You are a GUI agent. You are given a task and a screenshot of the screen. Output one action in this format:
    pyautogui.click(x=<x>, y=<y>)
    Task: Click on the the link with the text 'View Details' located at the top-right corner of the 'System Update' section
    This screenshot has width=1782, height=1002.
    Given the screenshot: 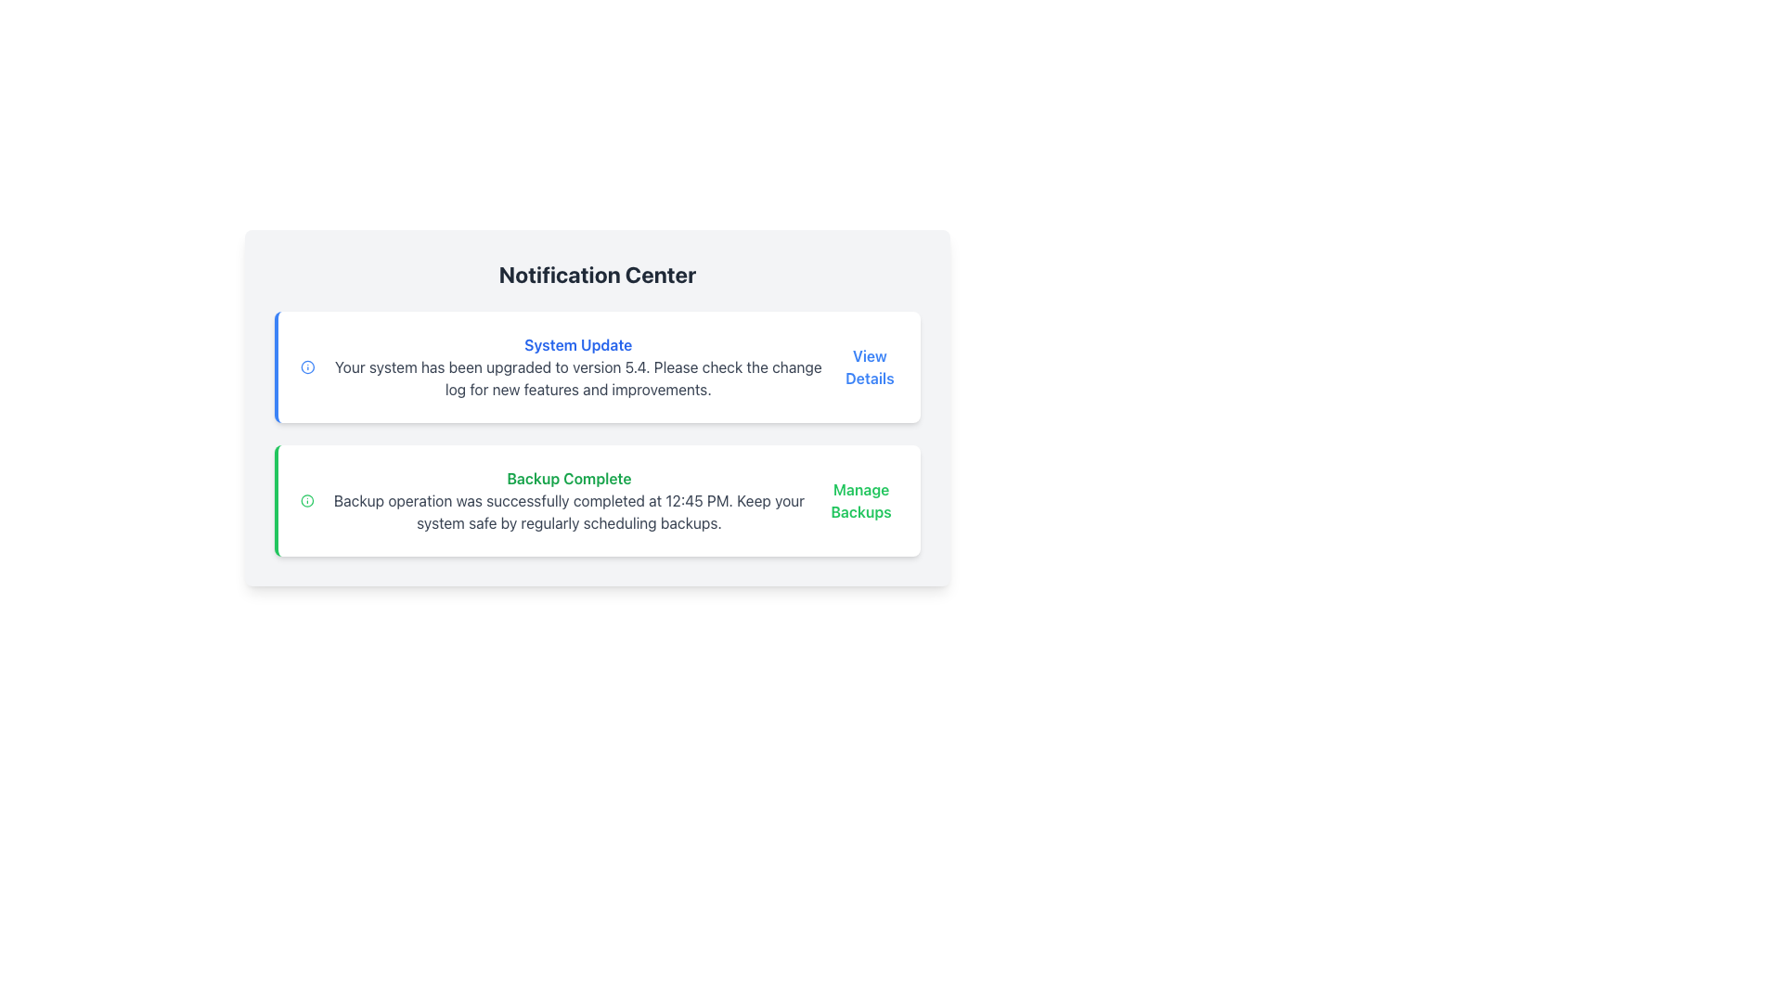 What is the action you would take?
    pyautogui.click(x=869, y=367)
    